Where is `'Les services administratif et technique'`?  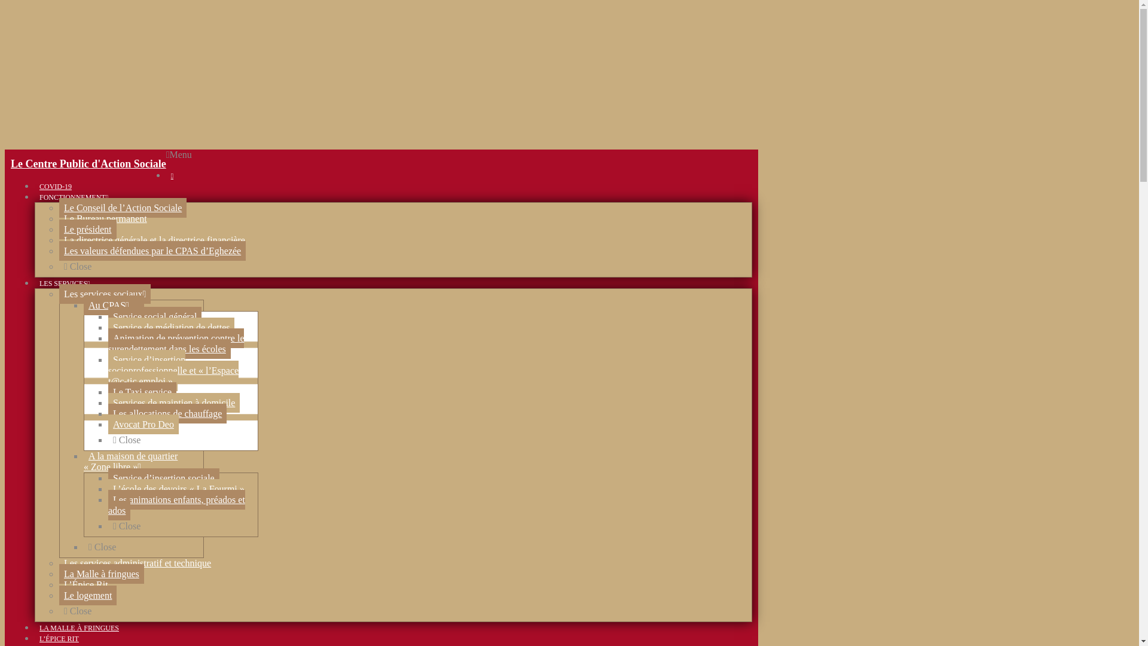 'Les services administratif et technique' is located at coordinates (59, 563).